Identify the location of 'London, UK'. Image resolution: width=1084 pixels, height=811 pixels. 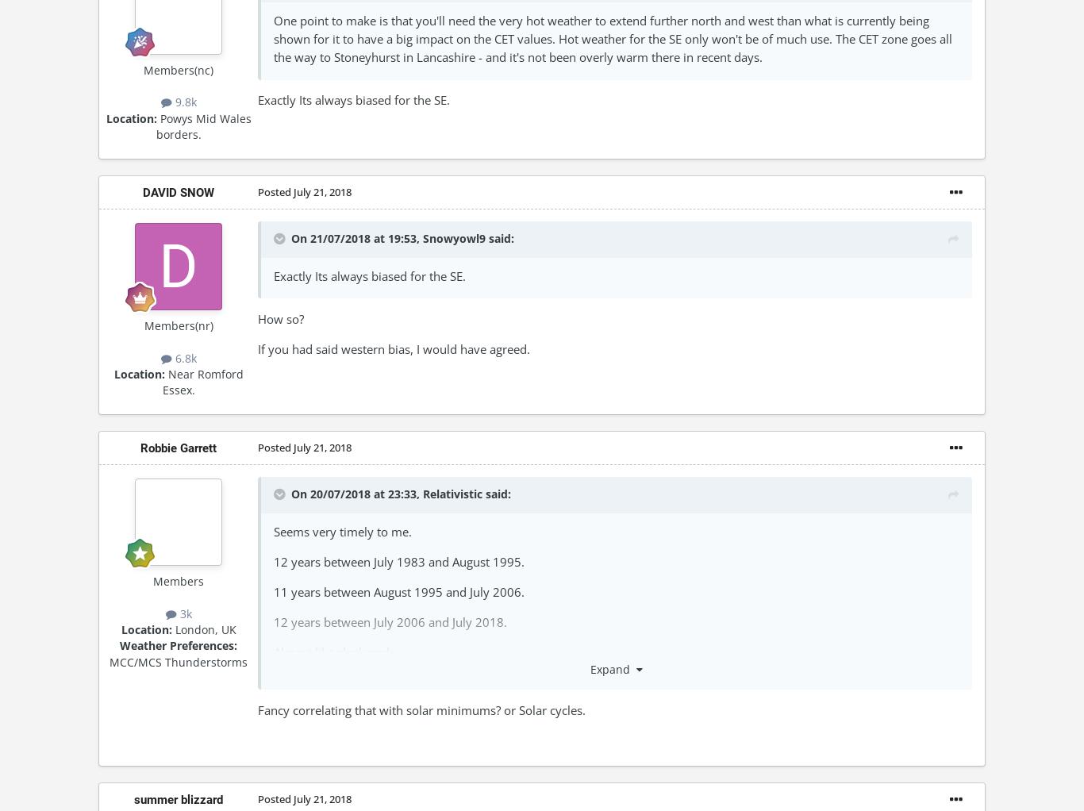
(170, 629).